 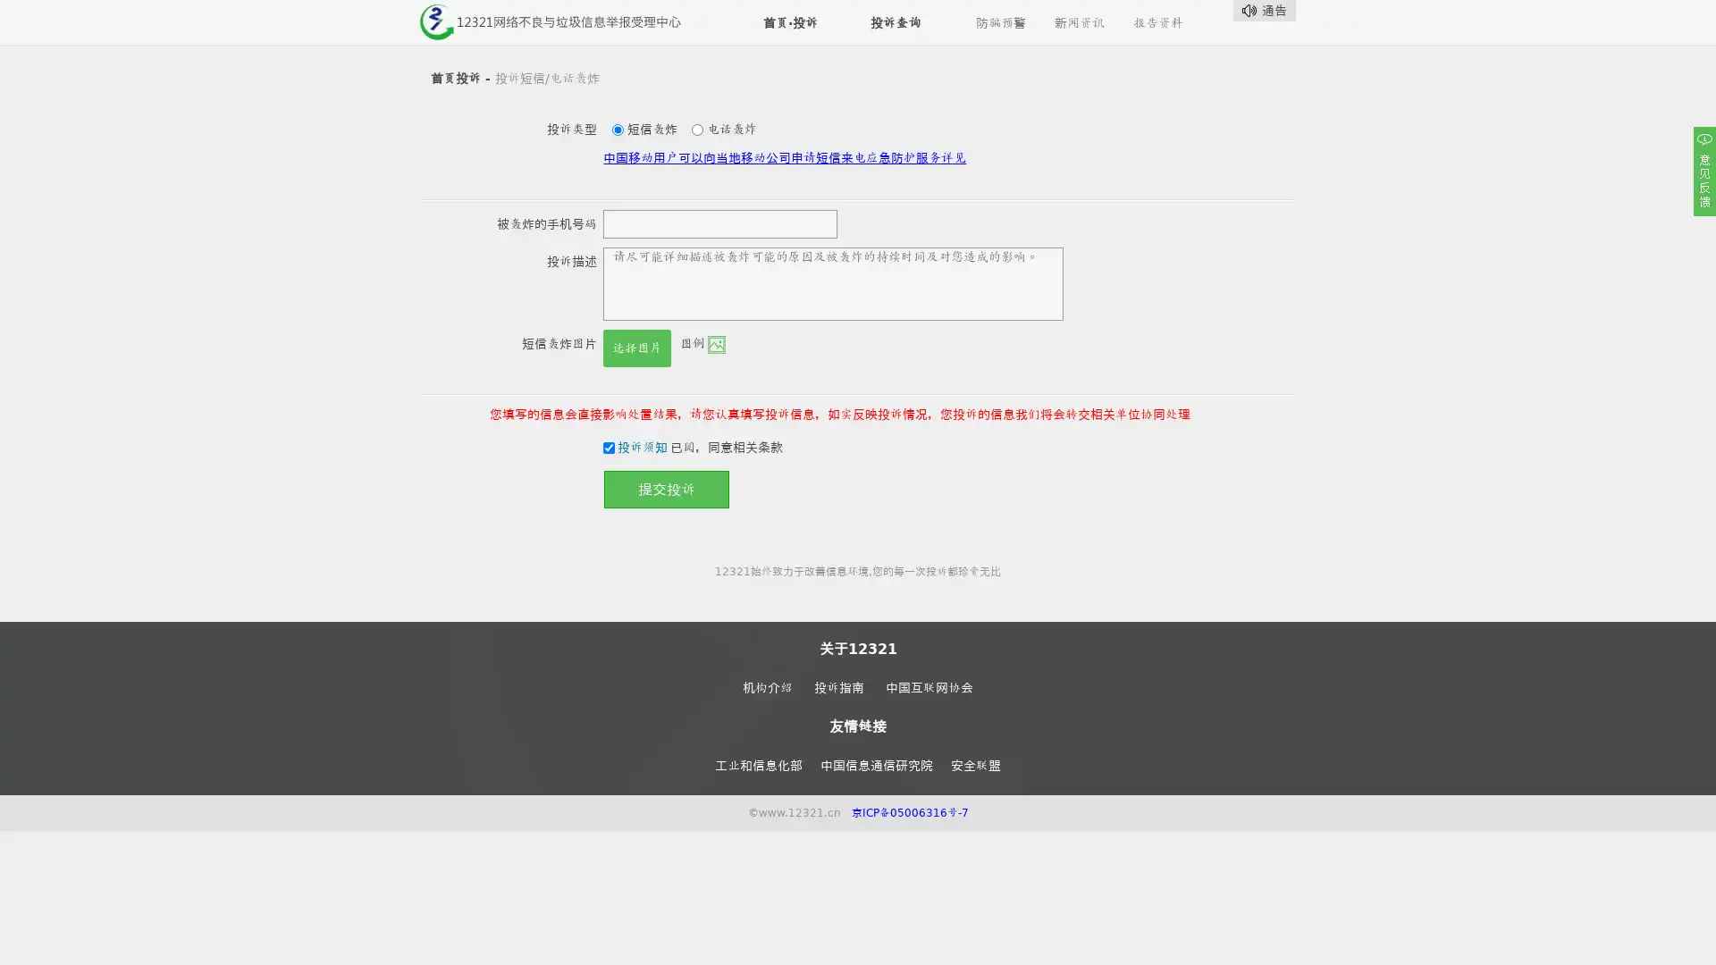 What do you see at coordinates (648, 340) in the screenshot?
I see `Choose Files` at bounding box center [648, 340].